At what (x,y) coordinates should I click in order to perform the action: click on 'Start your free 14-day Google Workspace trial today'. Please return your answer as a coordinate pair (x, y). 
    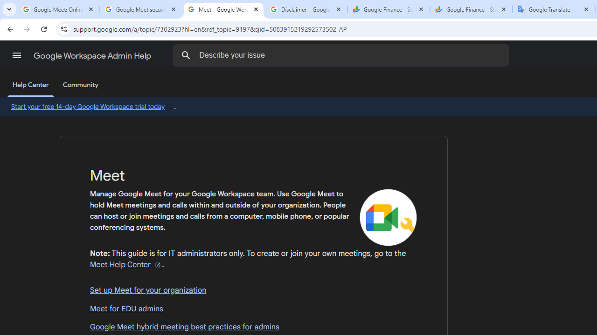
    Looking at the image, I should click on (93, 106).